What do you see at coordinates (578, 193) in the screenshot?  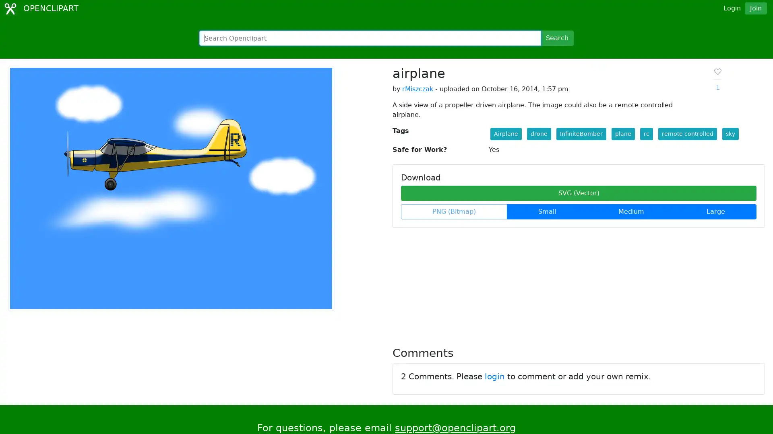 I see `SVG (Vector)` at bounding box center [578, 193].